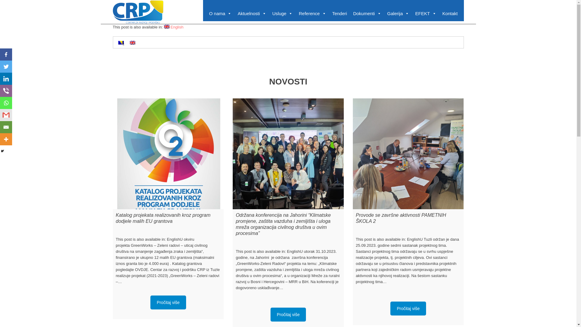 This screenshot has height=327, width=581. I want to click on 'Dokumenti', so click(350, 14).